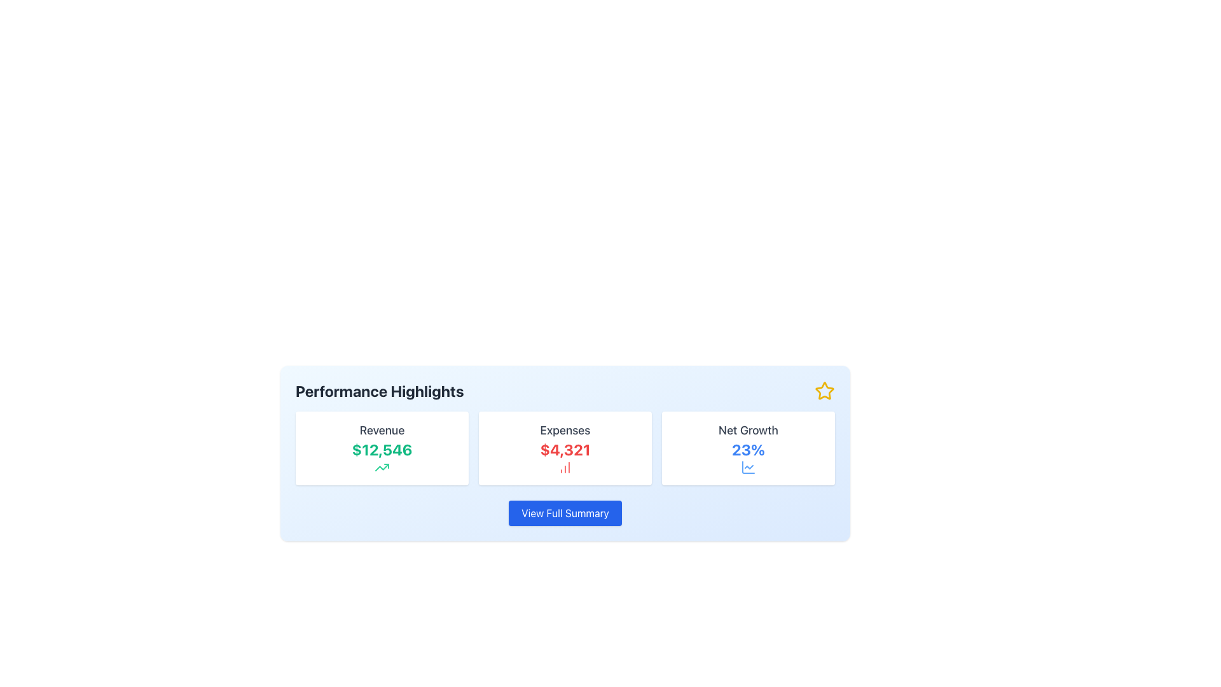 The image size is (1221, 687). What do you see at coordinates (381, 468) in the screenshot?
I see `the visual indicator icon located below the monetary figure 'Revenue $12,546', centered horizontally within the card` at bounding box center [381, 468].